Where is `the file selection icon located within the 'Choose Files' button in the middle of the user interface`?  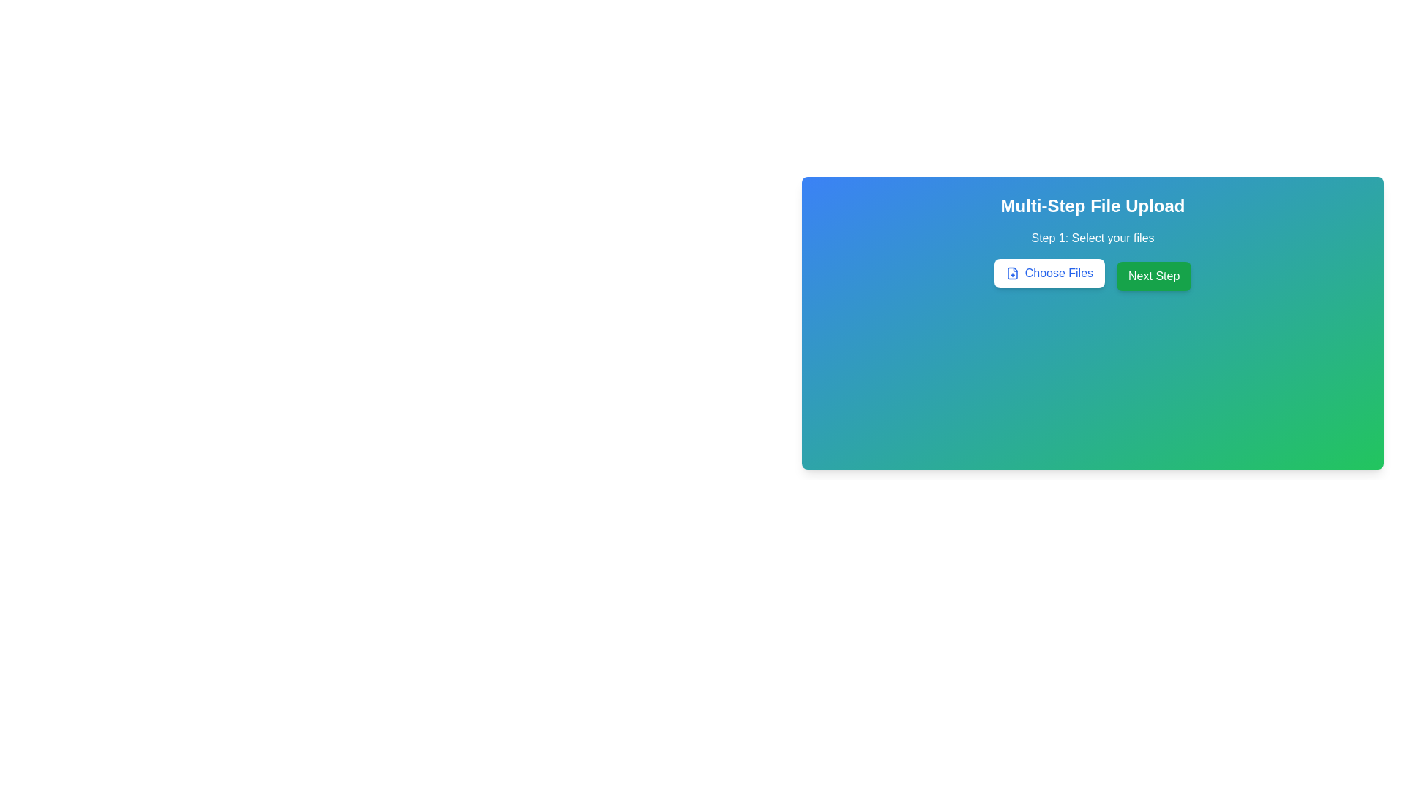 the file selection icon located within the 'Choose Files' button in the middle of the user interface is located at coordinates (1011, 274).